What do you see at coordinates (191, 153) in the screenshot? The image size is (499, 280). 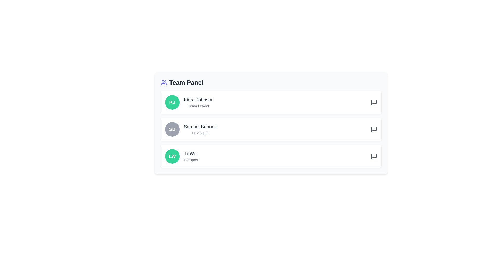 I see `the text label reading 'Li Wei', which is styled with a large font size and dark gray color, positioned below a green circular icon and above a smaller label reading 'Designer'` at bounding box center [191, 153].